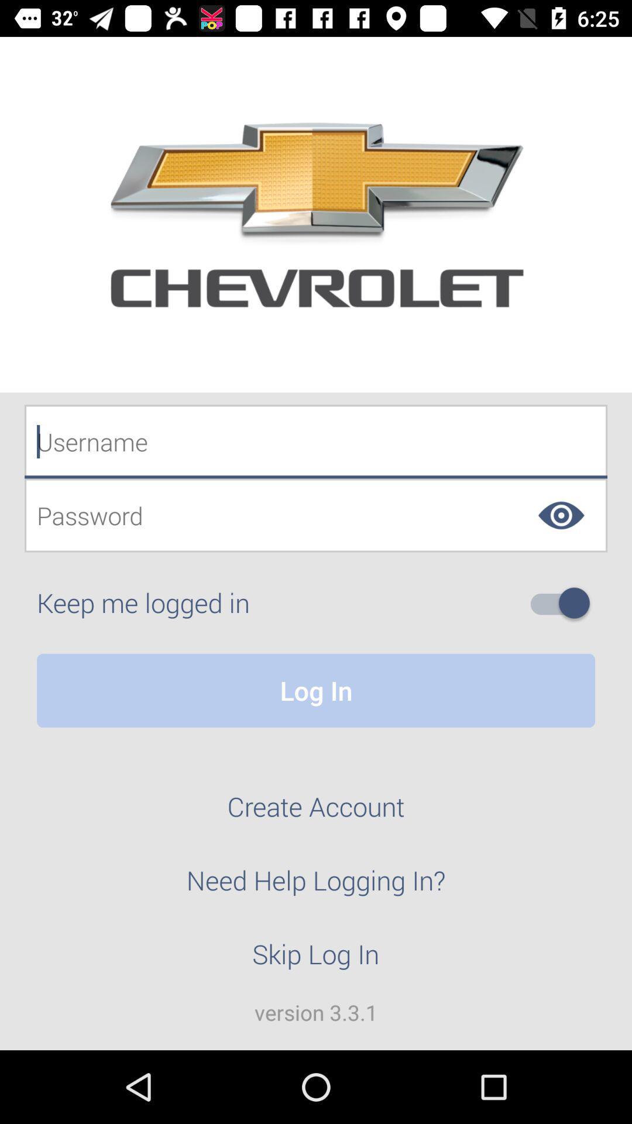 The height and width of the screenshot is (1124, 632). Describe the element at coordinates (316, 887) in the screenshot. I see `need help logging item` at that location.